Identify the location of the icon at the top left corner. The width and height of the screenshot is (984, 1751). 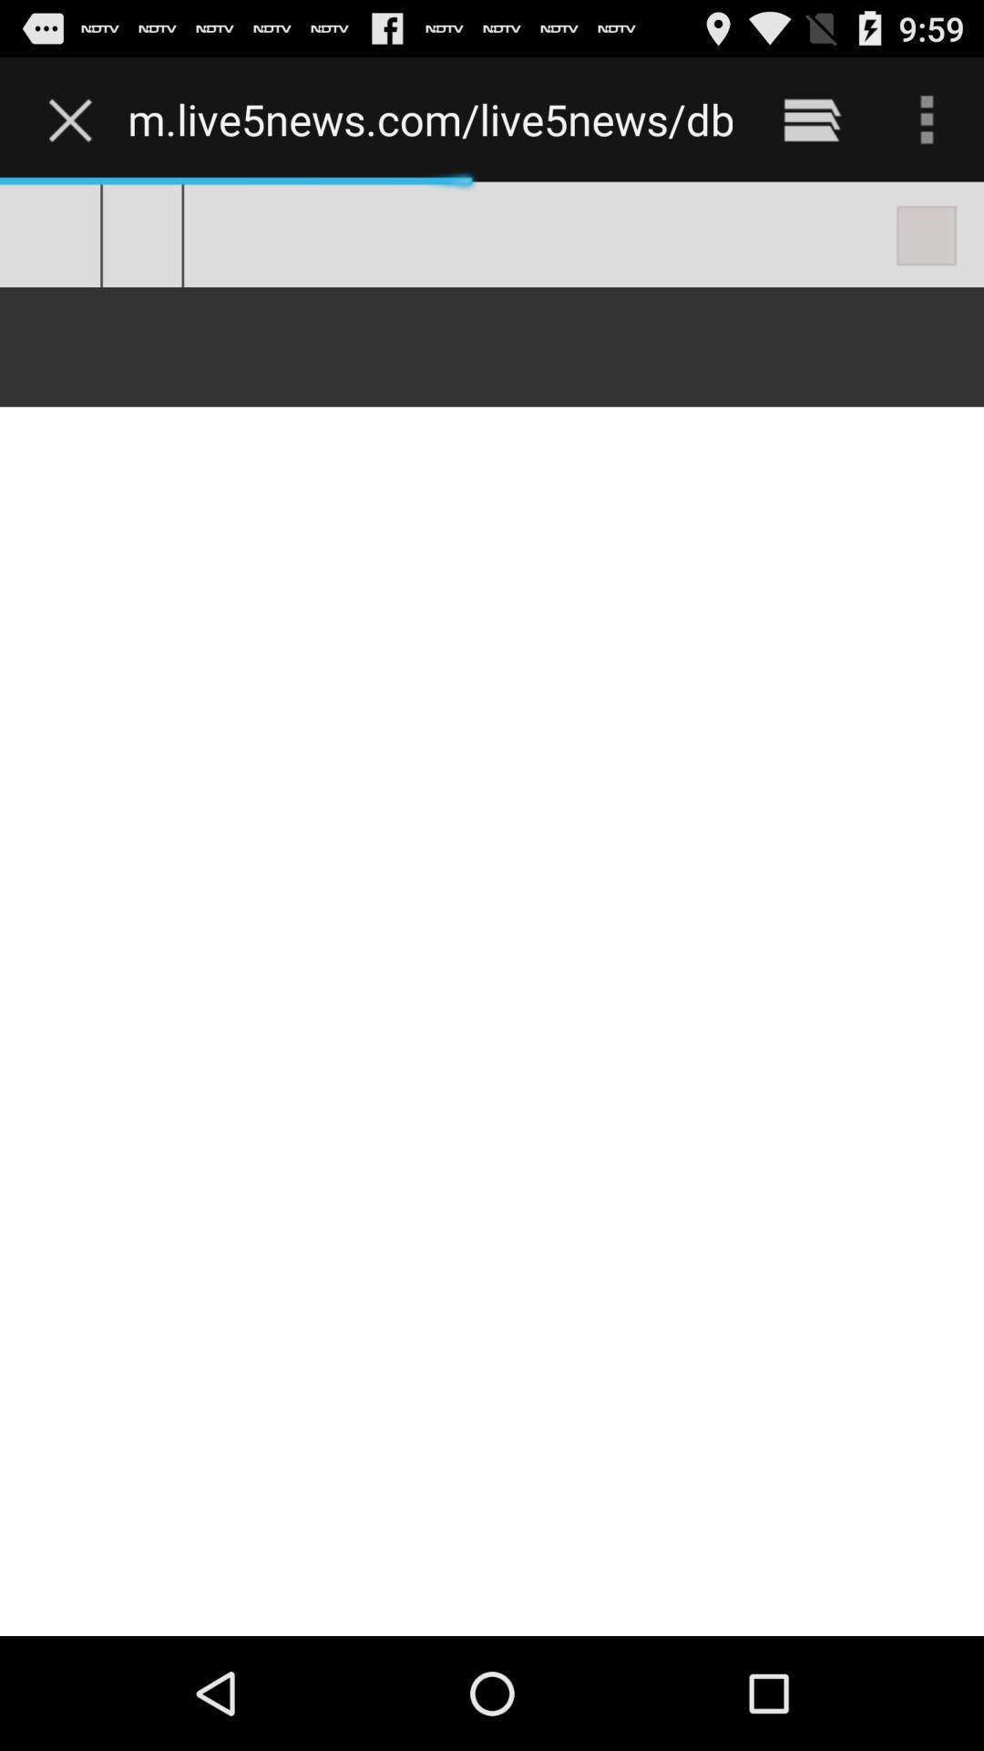
(74, 119).